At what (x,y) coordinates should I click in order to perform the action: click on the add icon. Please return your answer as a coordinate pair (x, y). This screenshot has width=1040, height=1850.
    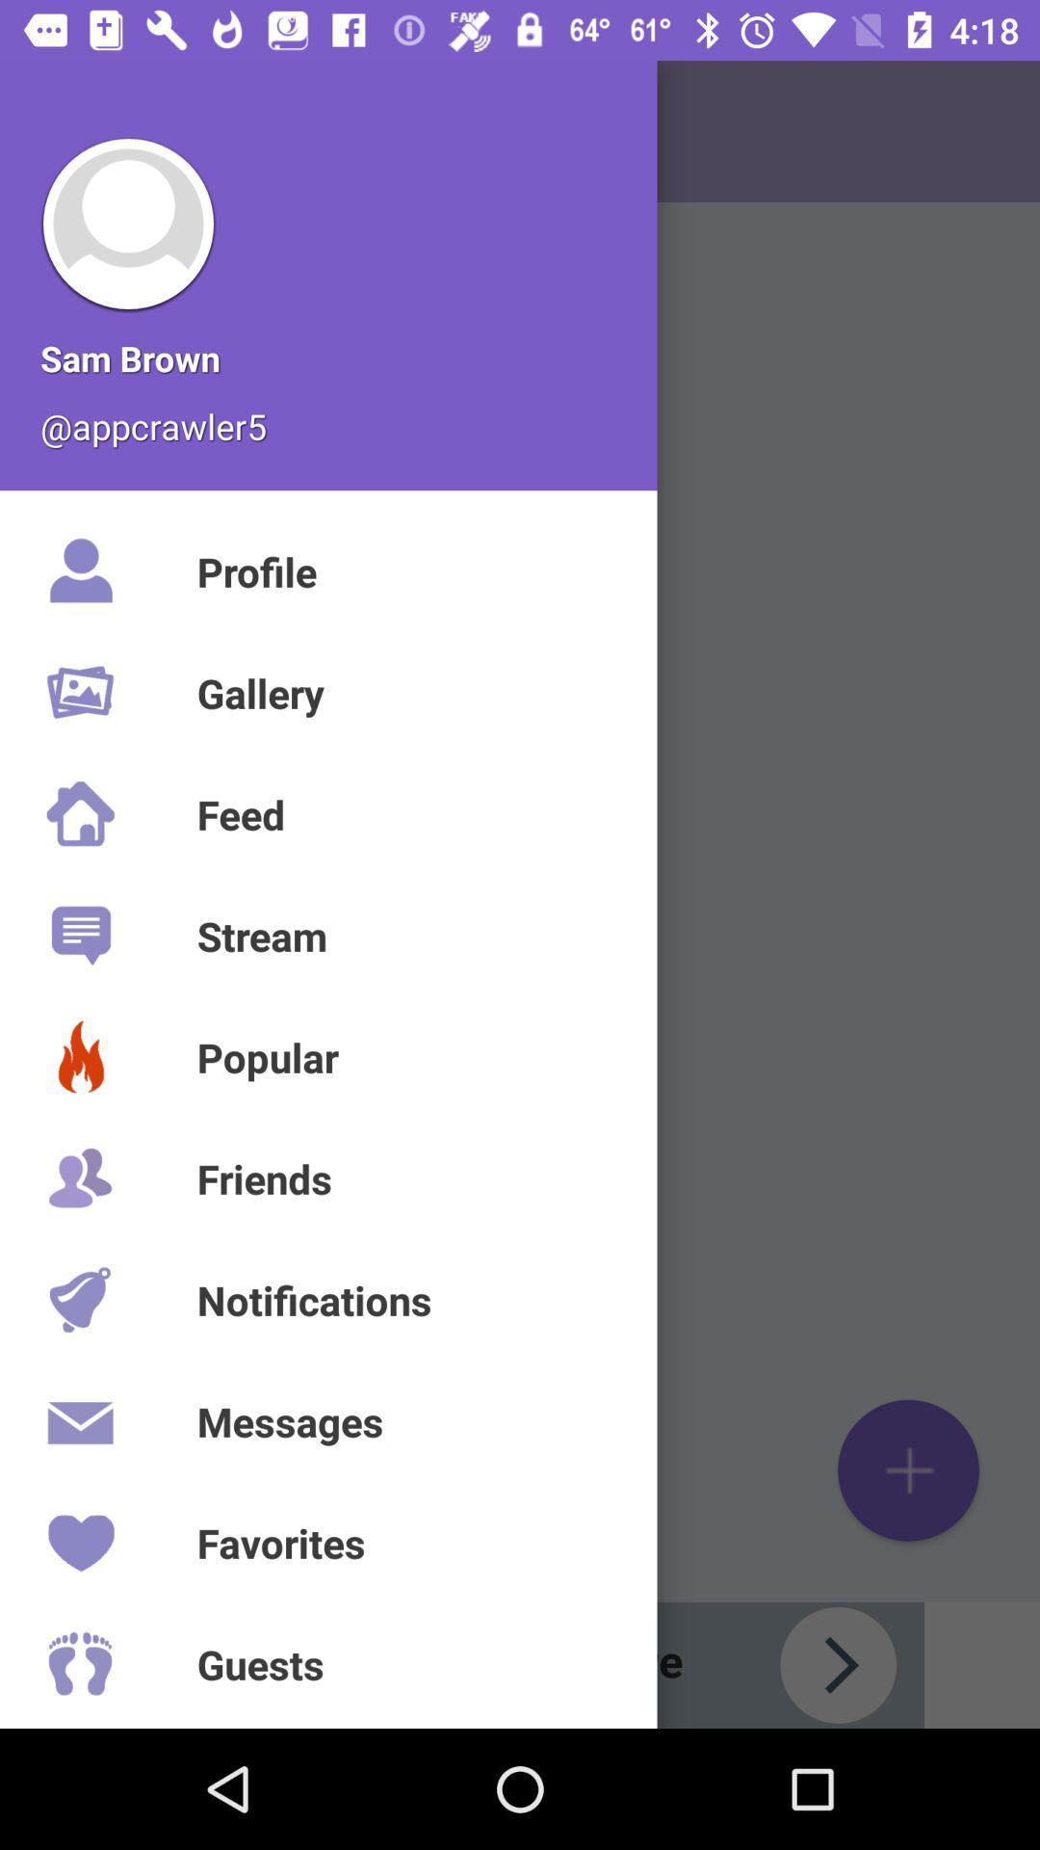
    Looking at the image, I should click on (908, 1469).